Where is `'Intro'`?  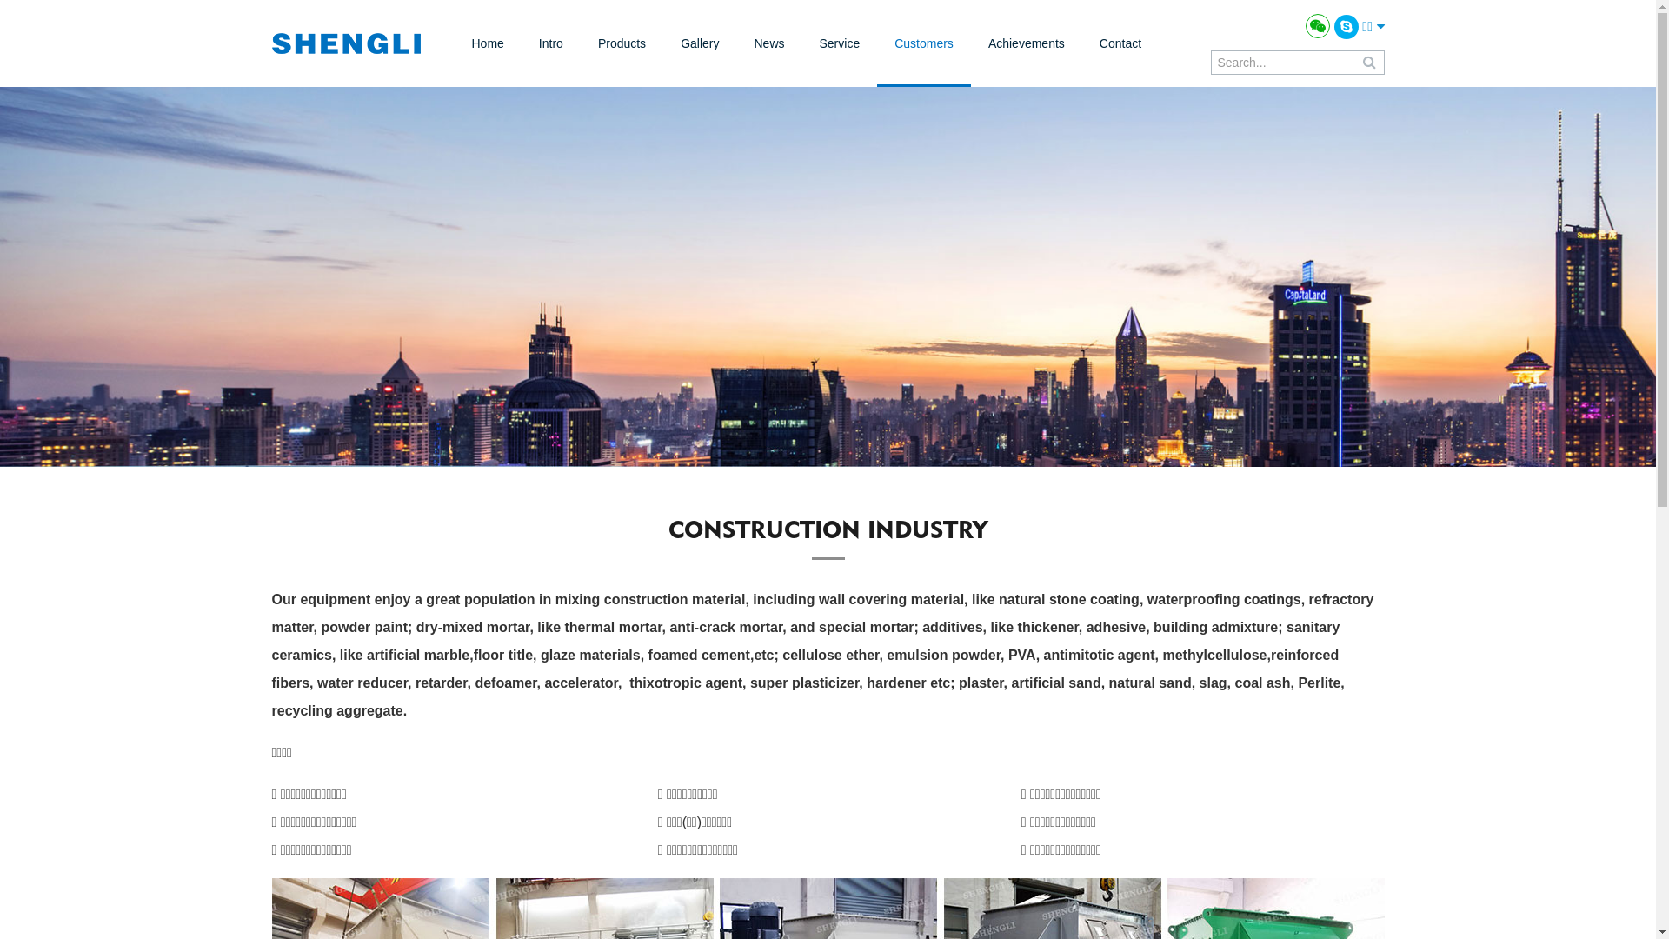 'Intro' is located at coordinates (549, 43).